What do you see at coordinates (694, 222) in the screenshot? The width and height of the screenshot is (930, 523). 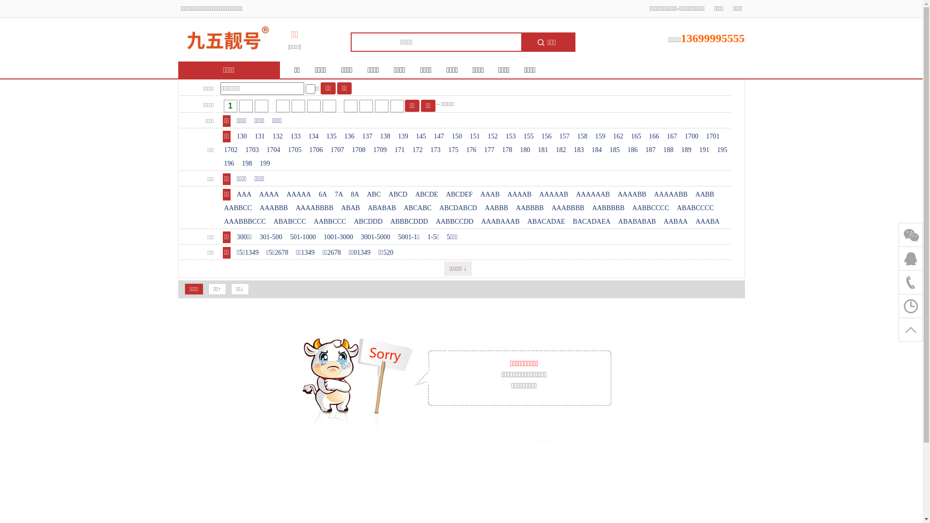 I see `'AAABA'` at bounding box center [694, 222].